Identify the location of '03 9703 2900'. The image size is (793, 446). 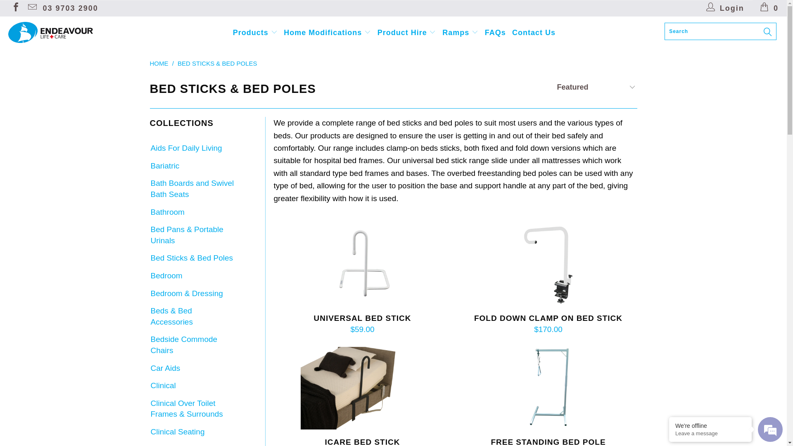
(71, 8).